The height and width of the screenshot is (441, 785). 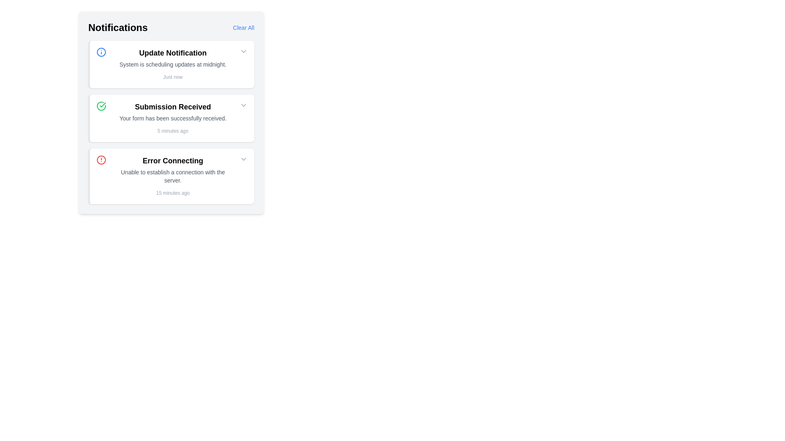 What do you see at coordinates (172, 130) in the screenshot?
I see `information from the static text label that indicates the time elapsed since the notification was sent, which is located within the 'Submission Received' notification card, below the detailed message text` at bounding box center [172, 130].